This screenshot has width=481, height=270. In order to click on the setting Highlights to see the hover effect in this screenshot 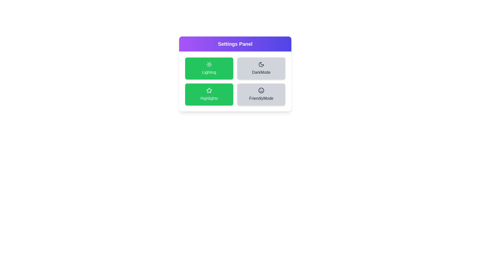, I will do `click(209, 94)`.